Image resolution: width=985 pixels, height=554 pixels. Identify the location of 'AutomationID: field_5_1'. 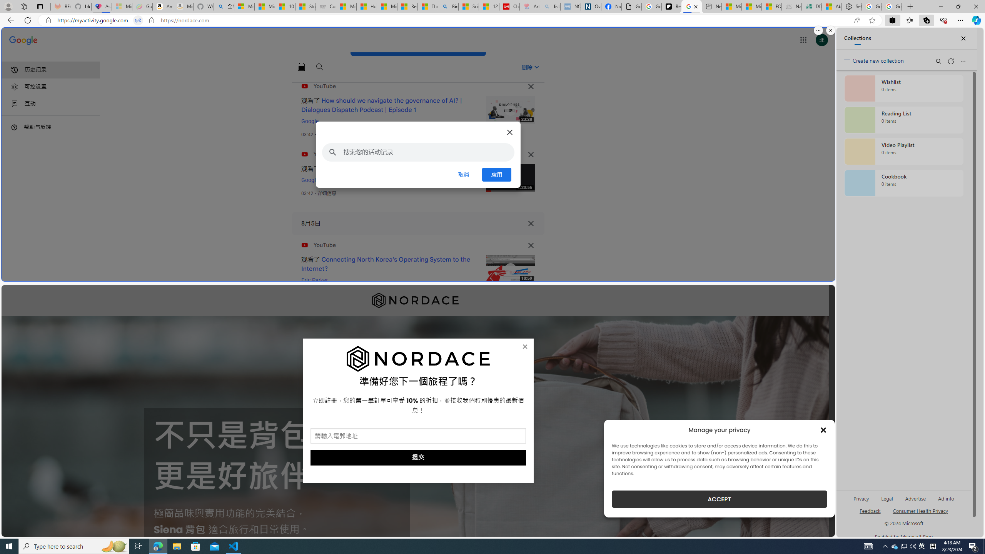
(417, 436).